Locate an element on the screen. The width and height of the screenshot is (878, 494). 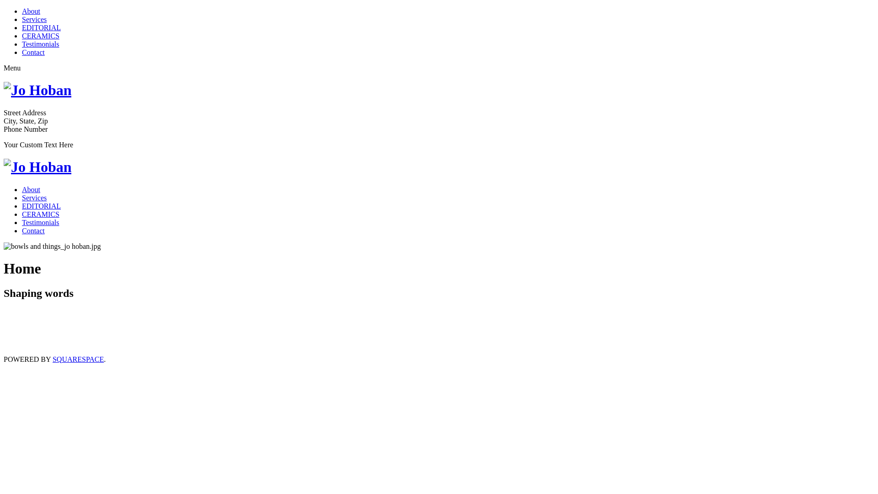
'CERAMICS' is located at coordinates (40, 35).